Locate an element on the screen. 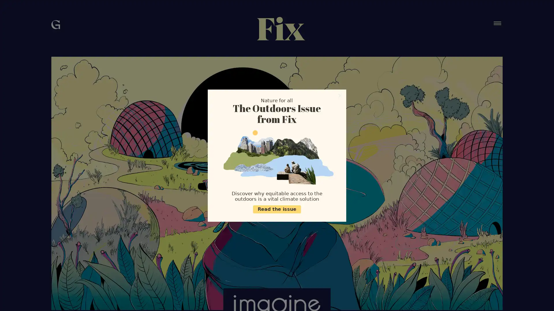 This screenshot has height=311, width=554. Close is located at coordinates (340, 95).